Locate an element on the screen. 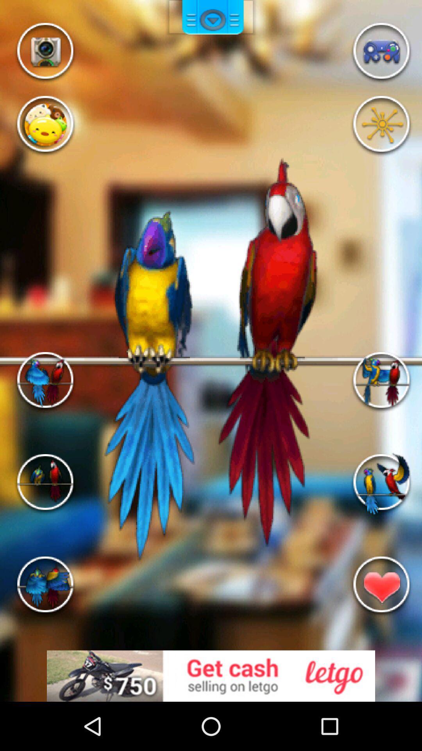 Image resolution: width=422 pixels, height=751 pixels. open advertisement page is located at coordinates (211, 676).